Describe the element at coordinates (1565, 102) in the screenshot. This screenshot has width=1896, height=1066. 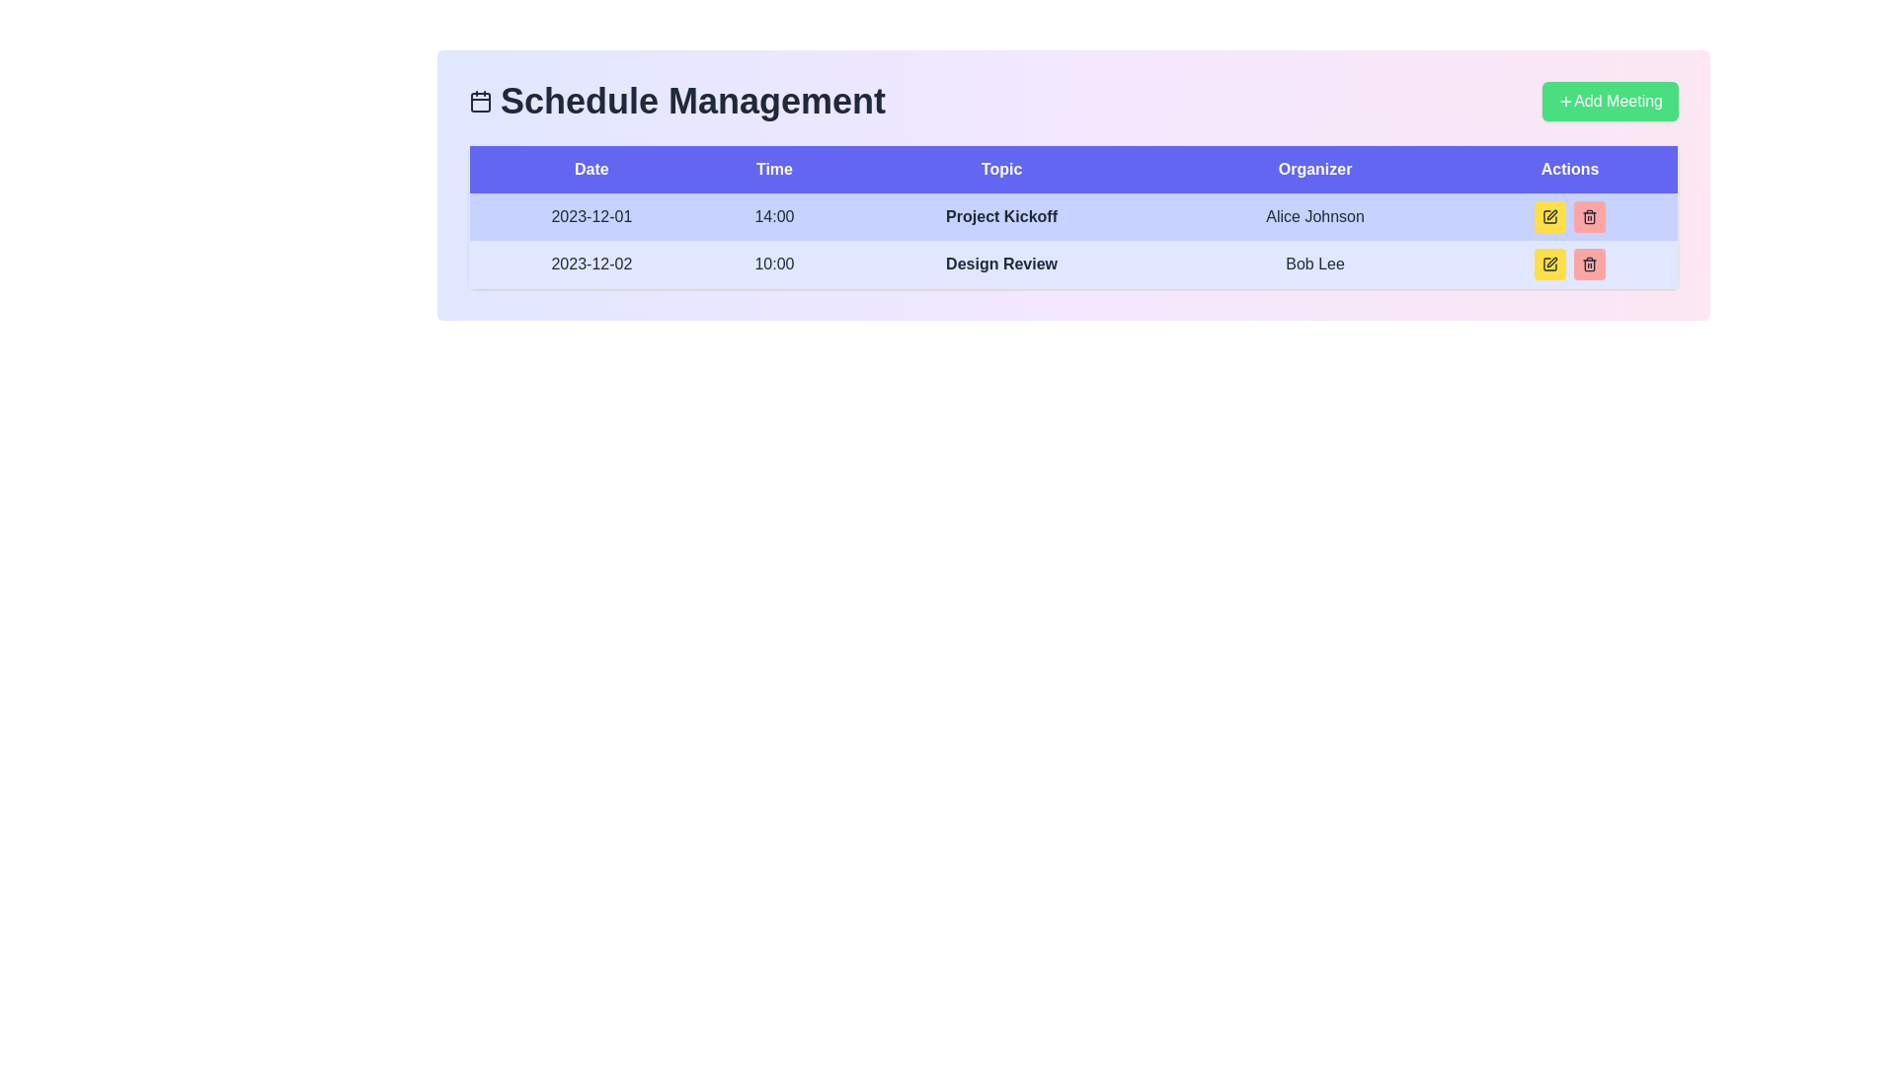
I see `the circular plus icon inside the green 'Add Meeting' button` at that location.